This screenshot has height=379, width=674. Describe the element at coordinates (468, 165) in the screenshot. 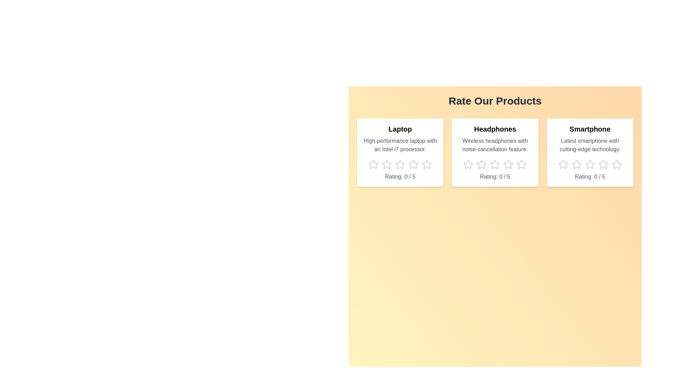

I see `the star icon corresponding to 1 stars for the product Headphones` at that location.